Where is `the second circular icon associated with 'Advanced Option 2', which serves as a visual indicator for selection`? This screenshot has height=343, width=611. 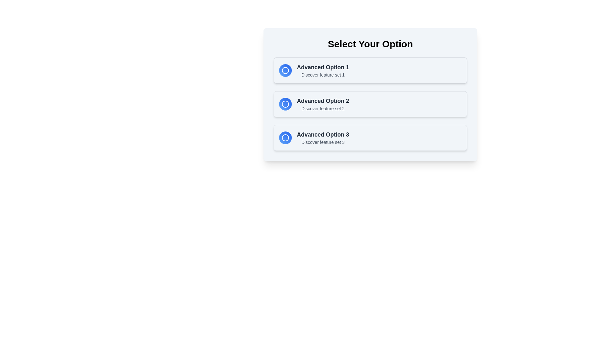
the second circular icon associated with 'Advanced Option 2', which serves as a visual indicator for selection is located at coordinates (285, 104).